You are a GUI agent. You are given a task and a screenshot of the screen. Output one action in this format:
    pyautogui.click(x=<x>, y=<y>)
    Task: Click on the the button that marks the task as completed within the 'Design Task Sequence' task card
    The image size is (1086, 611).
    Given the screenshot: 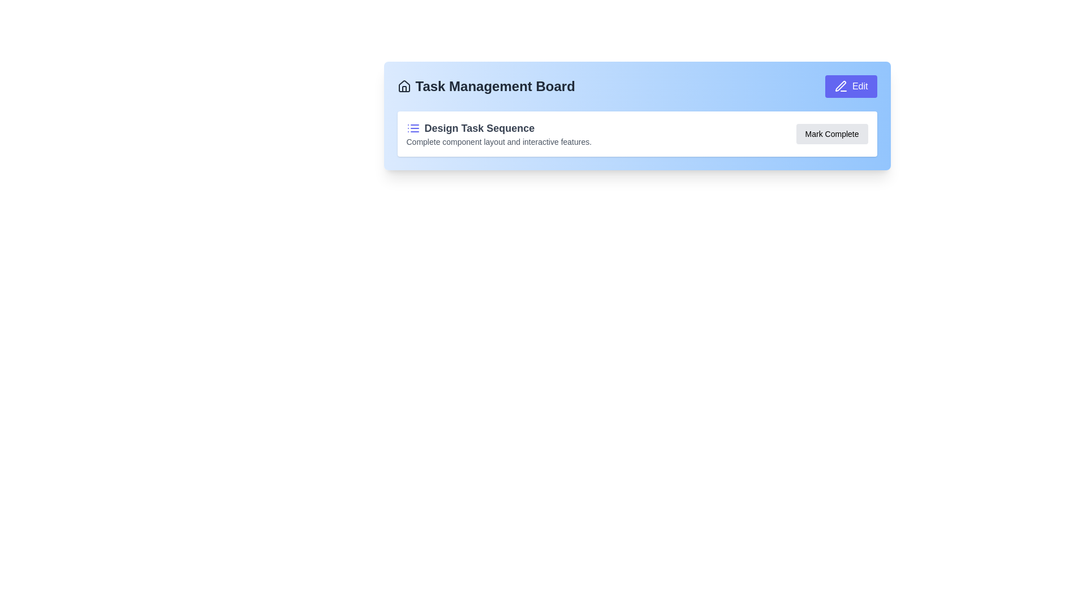 What is the action you would take?
    pyautogui.click(x=832, y=133)
    